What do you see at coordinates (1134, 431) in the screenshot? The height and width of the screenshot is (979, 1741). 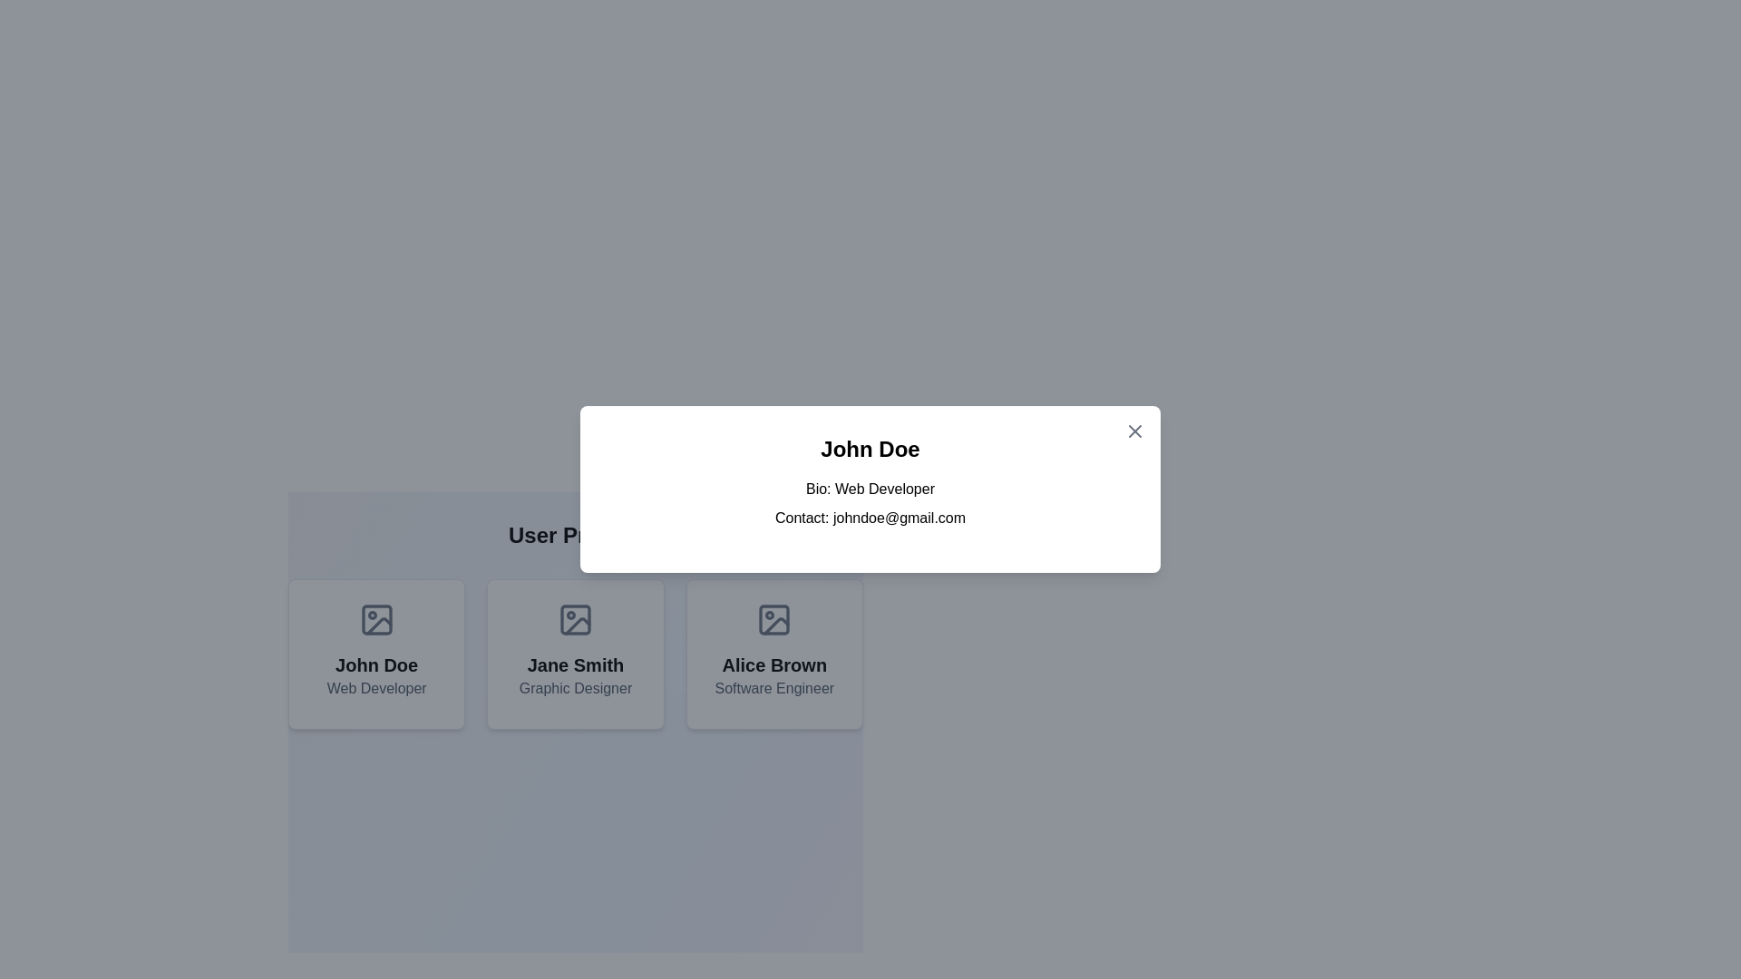 I see `the close button located in the top-right corner of the user profile card for 'John Doe' to change the color of the icon` at bounding box center [1134, 431].